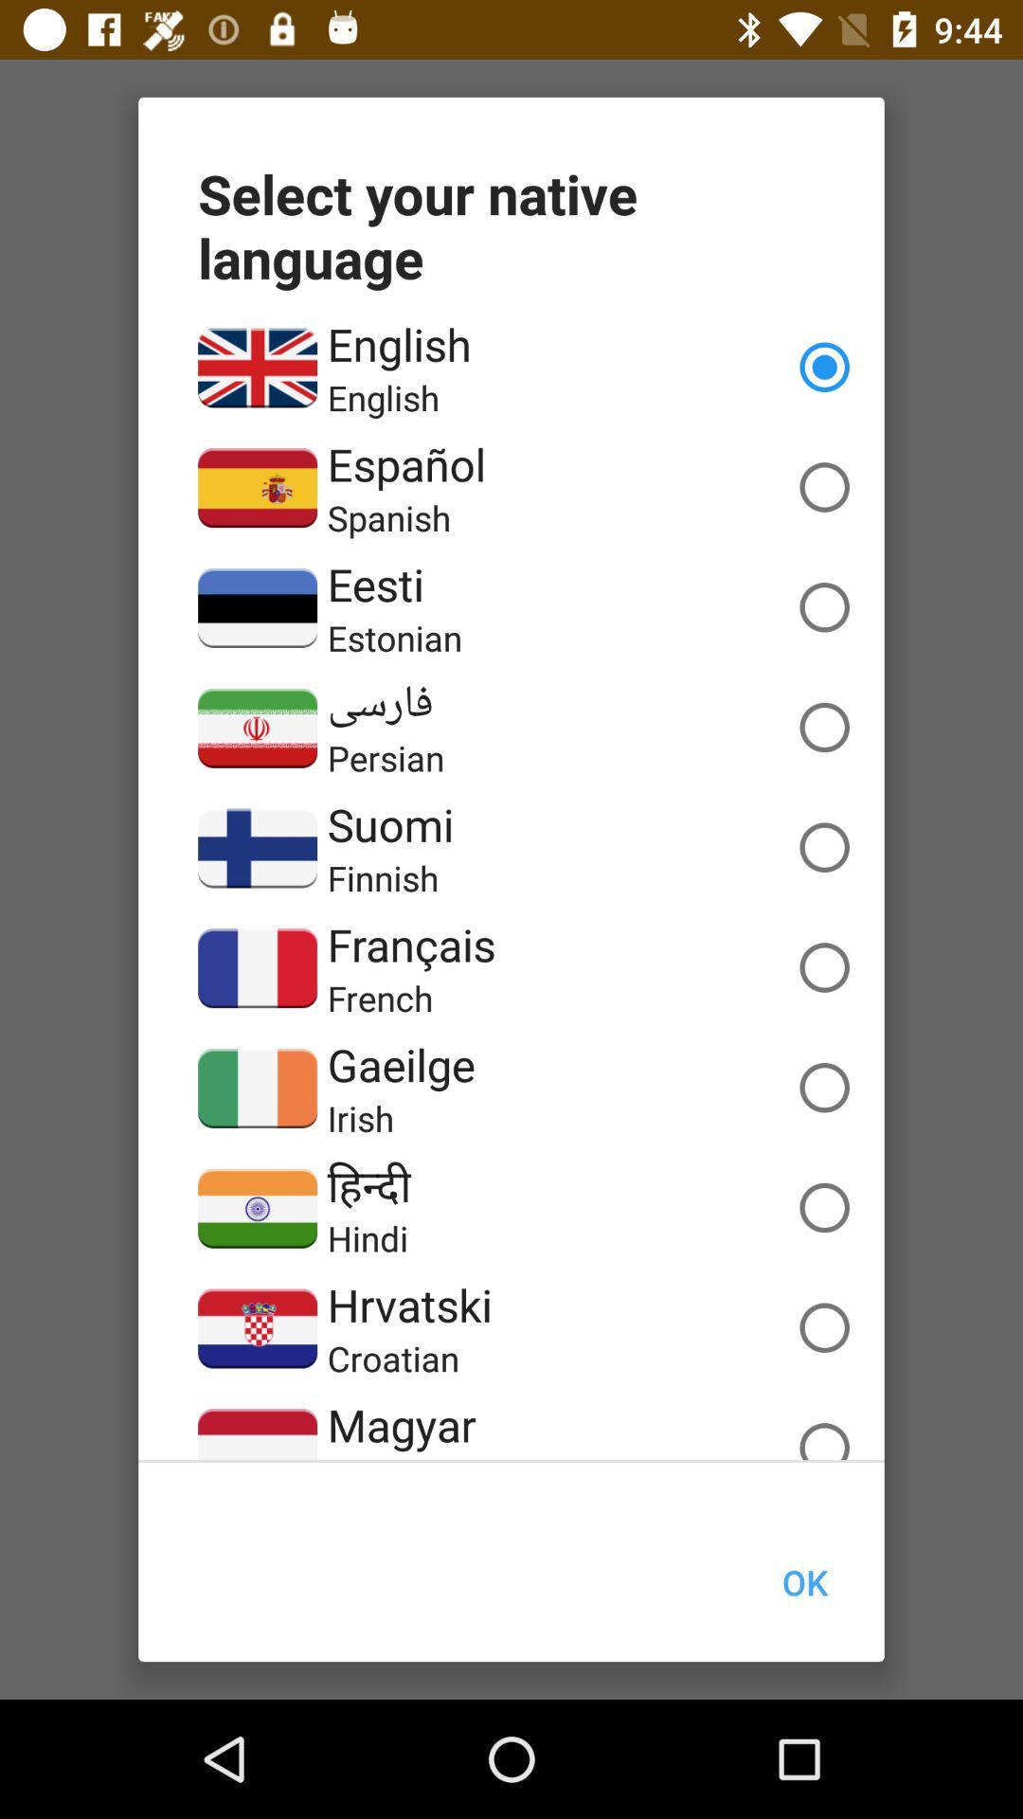  What do you see at coordinates (380, 997) in the screenshot?
I see `the french item` at bounding box center [380, 997].